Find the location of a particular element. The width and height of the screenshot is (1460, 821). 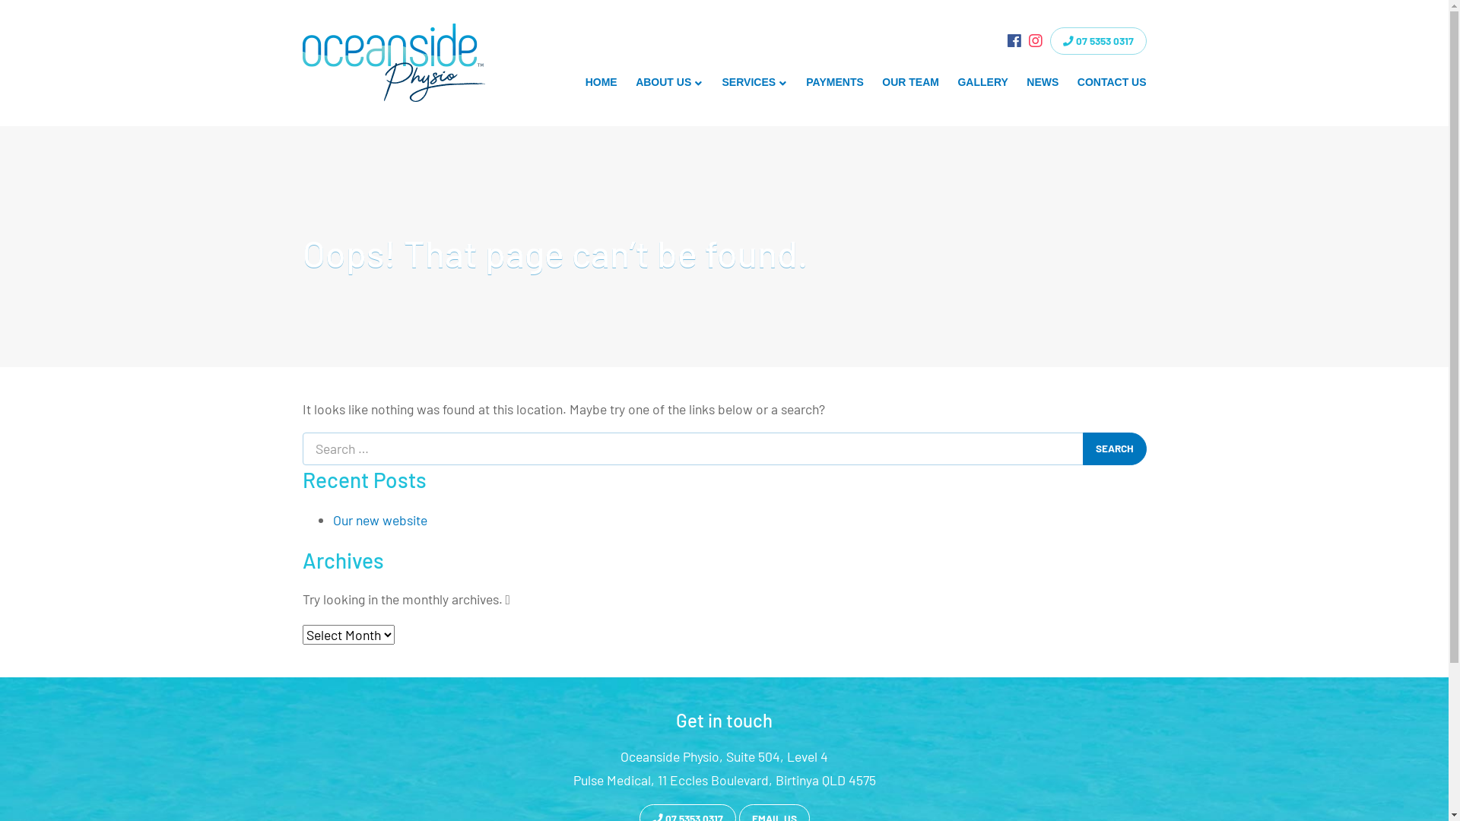

'PAYMENTS' is located at coordinates (834, 82).